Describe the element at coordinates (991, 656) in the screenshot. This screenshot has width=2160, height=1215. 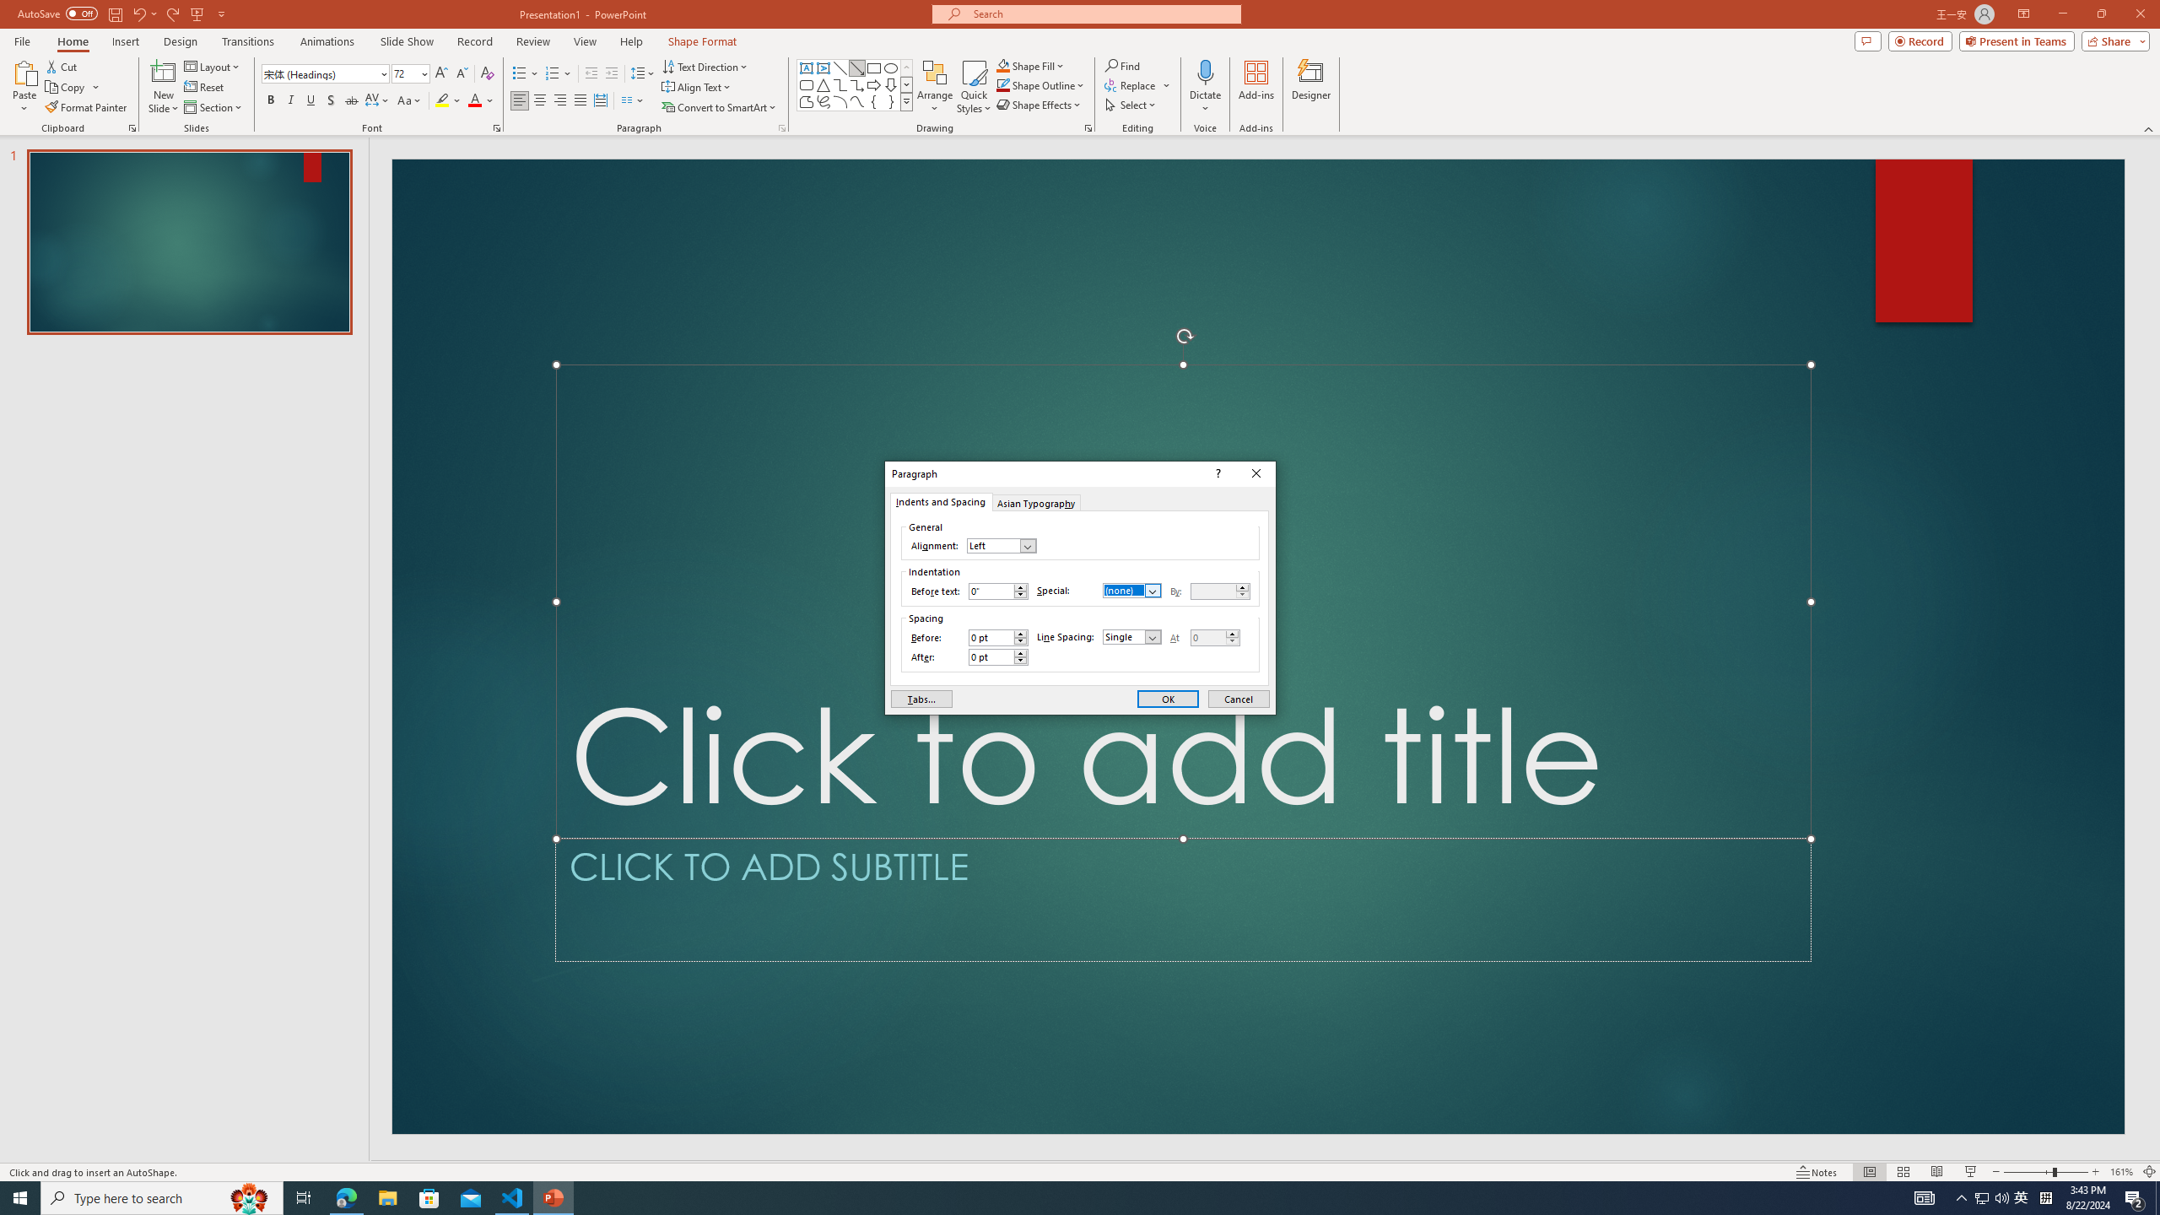
I see `'After'` at that location.